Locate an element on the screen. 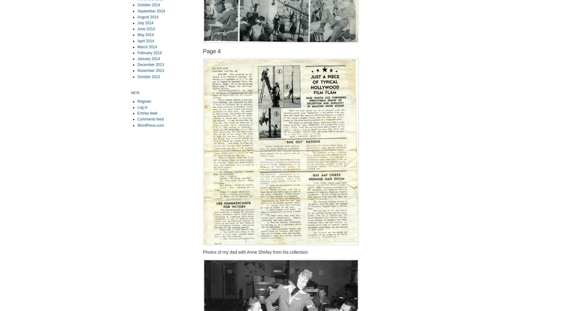 The image size is (562, 311). 'Page 4' is located at coordinates (211, 51).